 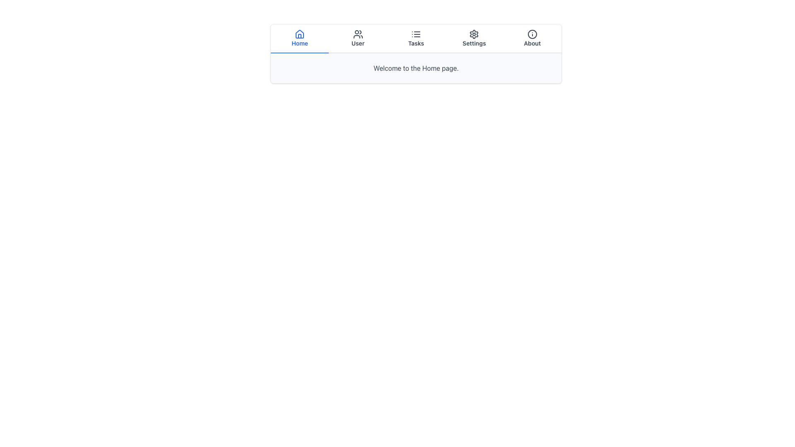 I want to click on text label 'User' which is styled in bold and positioned centrally in the navigation bar, indicating user-related functionality, so click(x=358, y=43).